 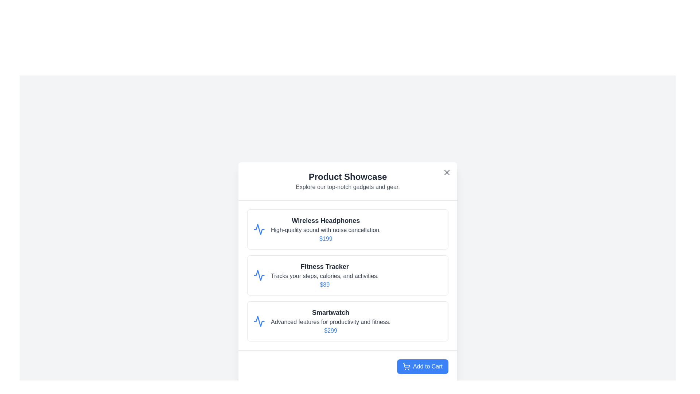 I want to click on static text that describes the product features, located below the header 'Wireless Headphones' and above the price '$199' in the first product card of the modal, so click(x=325, y=230).